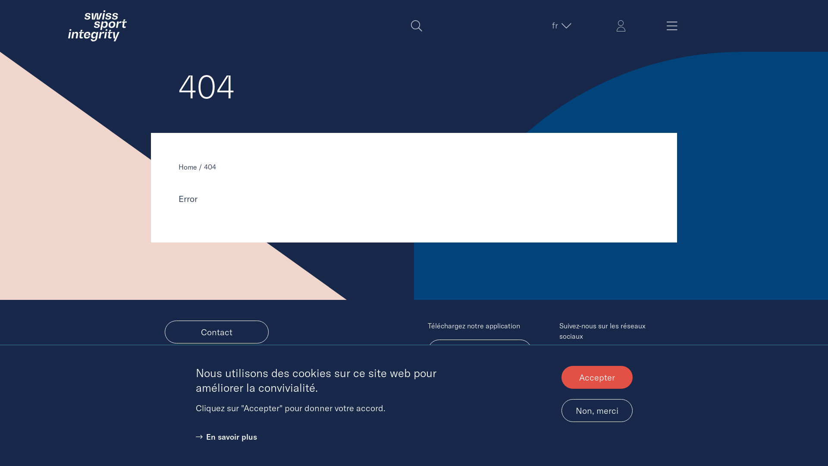 This screenshot has width=828, height=466. Describe the element at coordinates (216, 366) in the screenshot. I see `'Signaler un incident'` at that location.